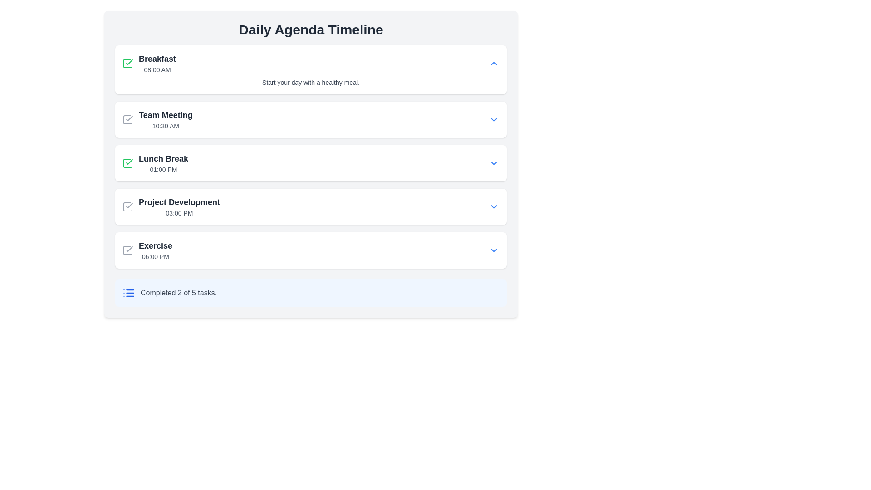 Image resolution: width=871 pixels, height=490 pixels. Describe the element at coordinates (127, 250) in the screenshot. I see `the Checkbox icon, which is a square icon with a checkmark inside, located to the left of the 'Exercise' text and above the '06:00 PM' text in the last list item of the agenda` at that location.